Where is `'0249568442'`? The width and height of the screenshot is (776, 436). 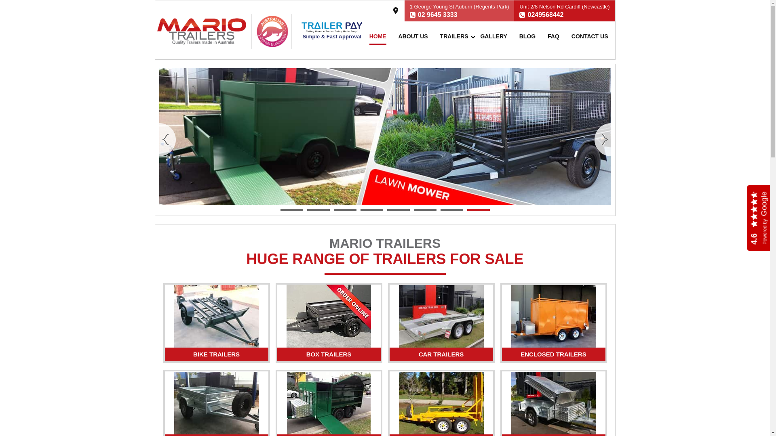
'0249568442' is located at coordinates (545, 15).